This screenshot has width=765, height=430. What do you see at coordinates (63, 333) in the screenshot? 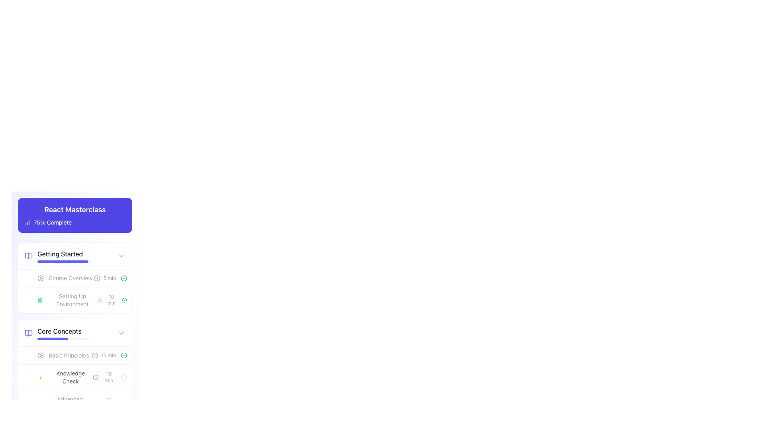
I see `the 'Core Concepts' text label, which is styled with a prominent sans-serif font and located above a purple progress bar in the 'React Masterclass' course module` at bounding box center [63, 333].